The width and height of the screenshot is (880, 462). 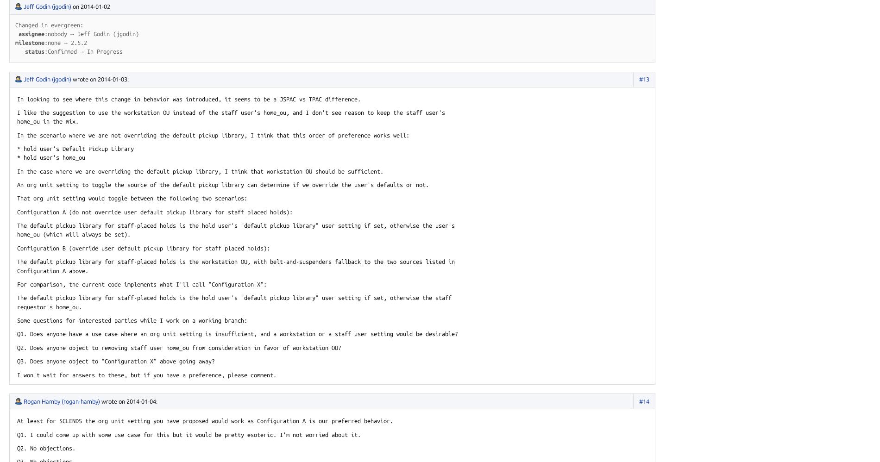 What do you see at coordinates (108, 78) in the screenshot?
I see `'on 2014-01-03'` at bounding box center [108, 78].